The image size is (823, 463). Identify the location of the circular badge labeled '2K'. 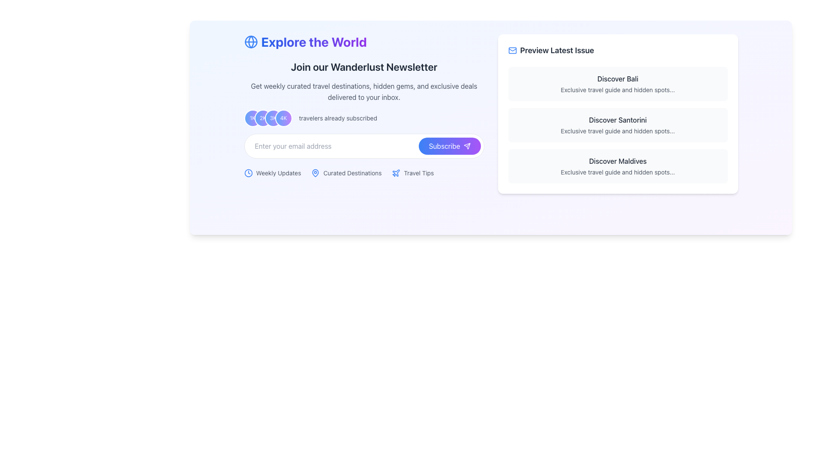
(262, 118).